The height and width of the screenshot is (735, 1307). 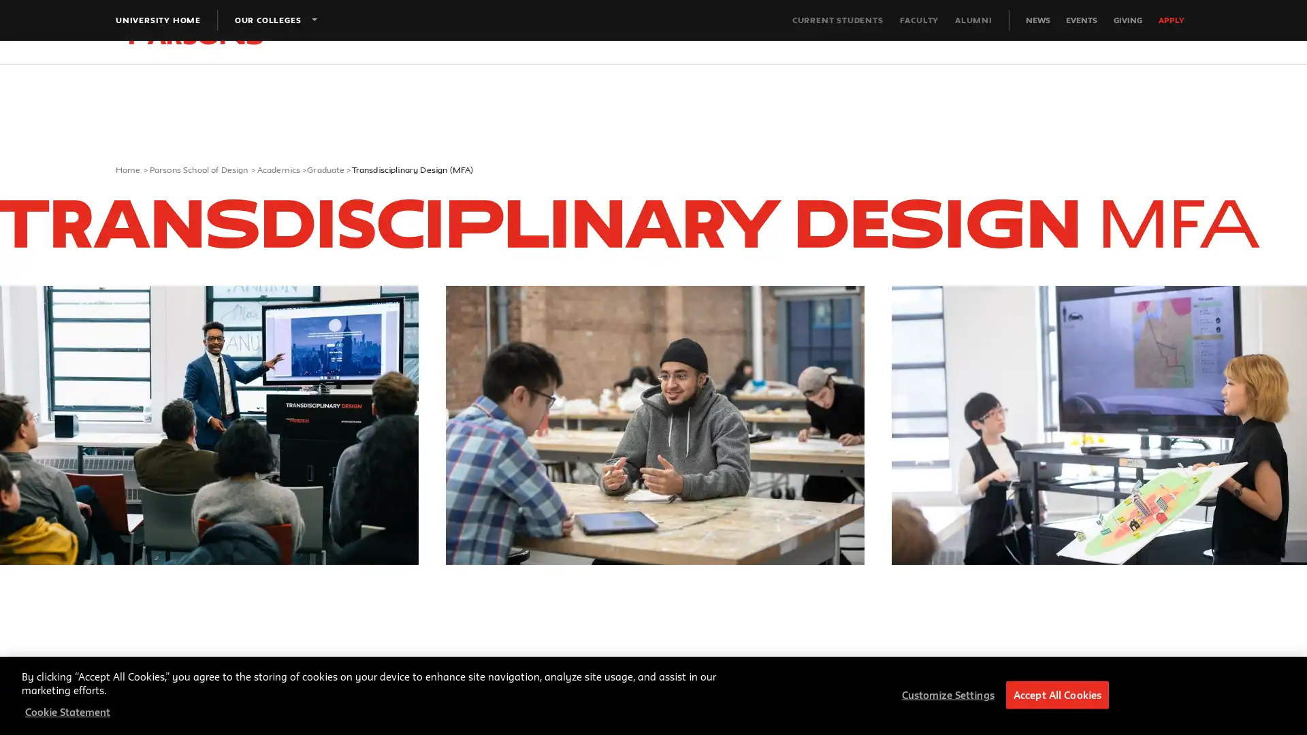 I want to click on Customize Settings, so click(x=943, y=695).